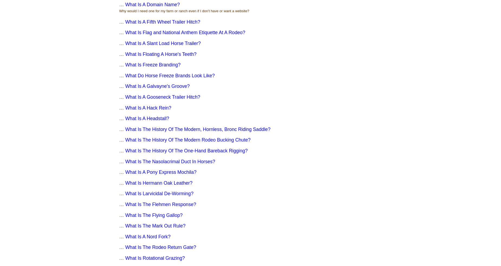 The height and width of the screenshot is (266, 501). Describe the element at coordinates (125, 75) in the screenshot. I see `'What Do Horse Freeze Brands Look Like?'` at that location.